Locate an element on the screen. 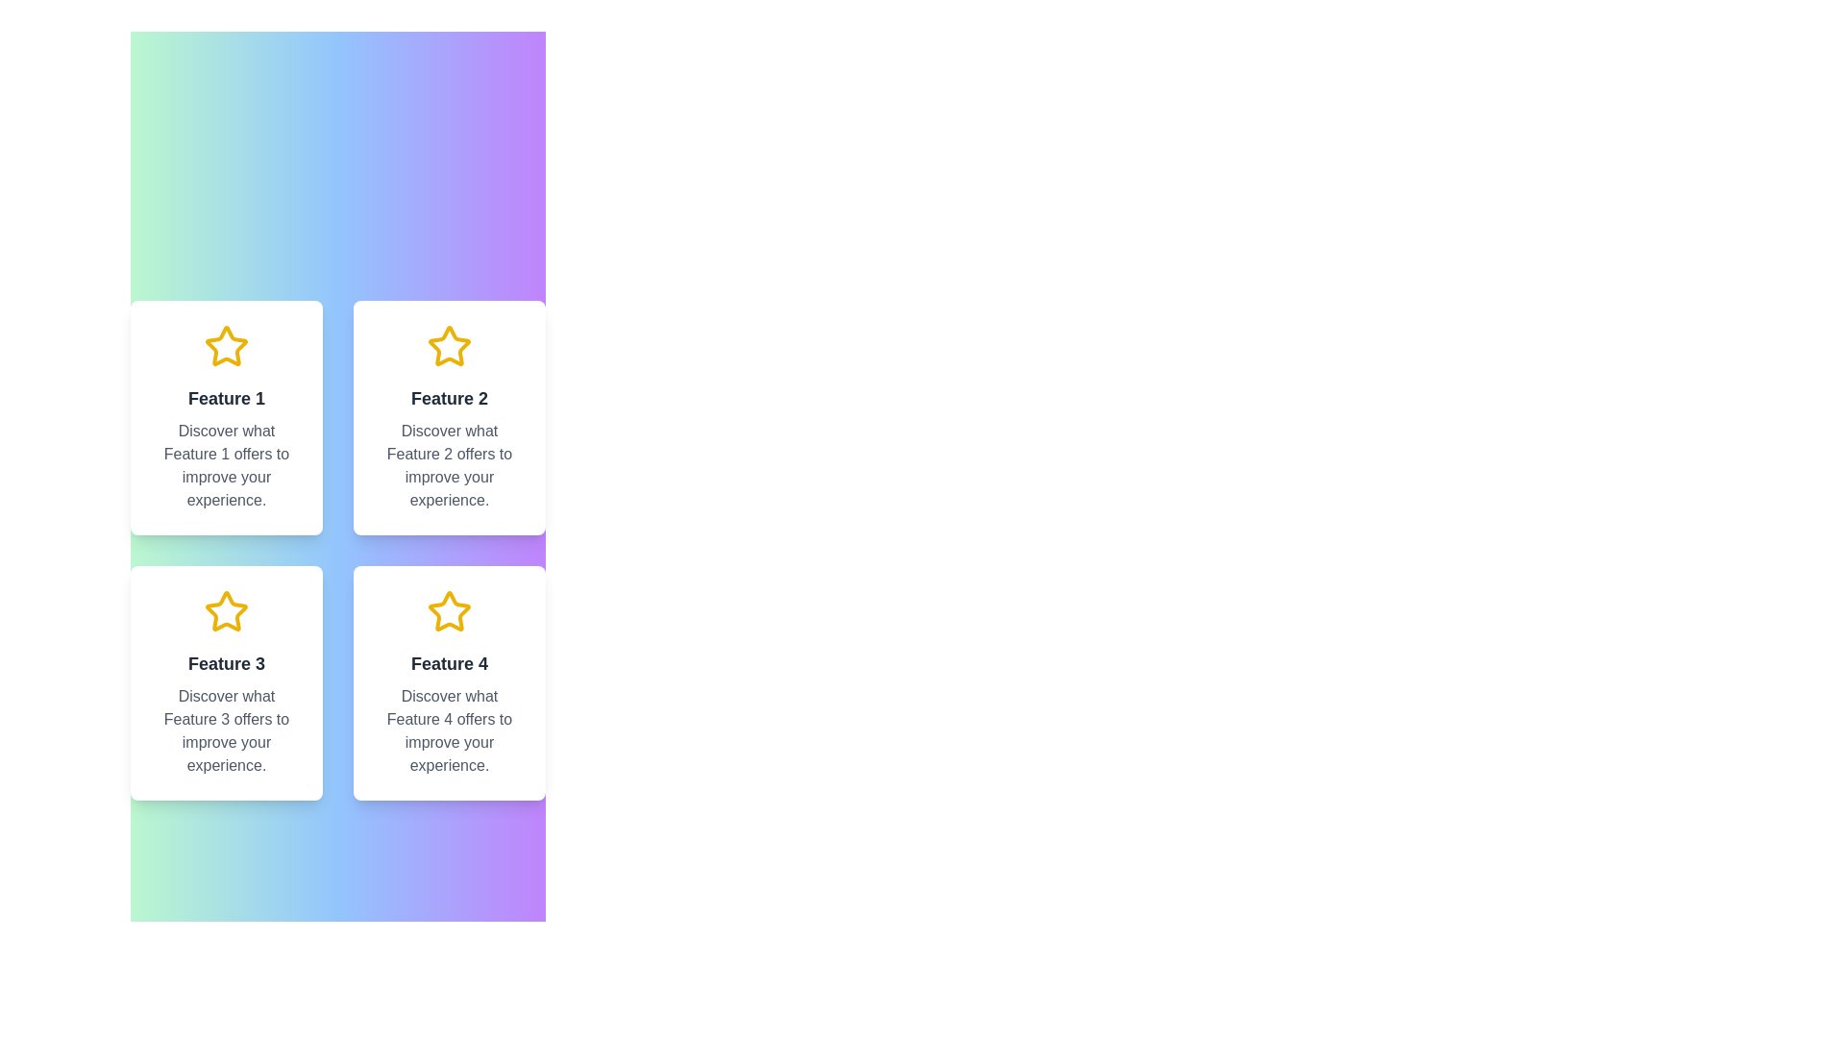 This screenshot has width=1845, height=1038. the Icon representing 'Feature 3', located in the third card of the grid layout, centrally positioned in the top region adjacent to the 'Feature 3' title text is located at coordinates (226, 611).